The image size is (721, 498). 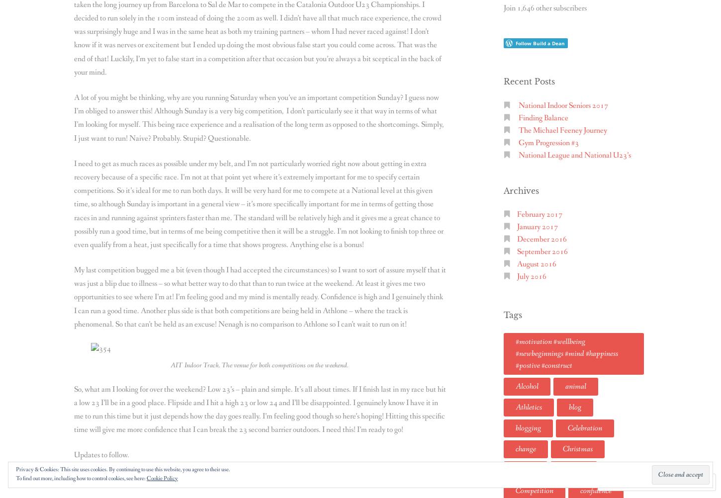 I want to click on 'July 2016', so click(x=517, y=276).